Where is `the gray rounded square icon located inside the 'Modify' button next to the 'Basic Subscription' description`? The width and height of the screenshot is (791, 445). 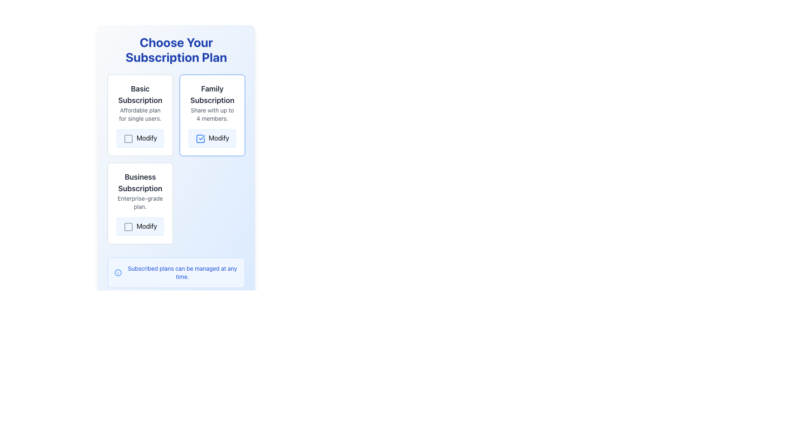 the gray rounded square icon located inside the 'Modify' button next to the 'Basic Subscription' description is located at coordinates (128, 138).